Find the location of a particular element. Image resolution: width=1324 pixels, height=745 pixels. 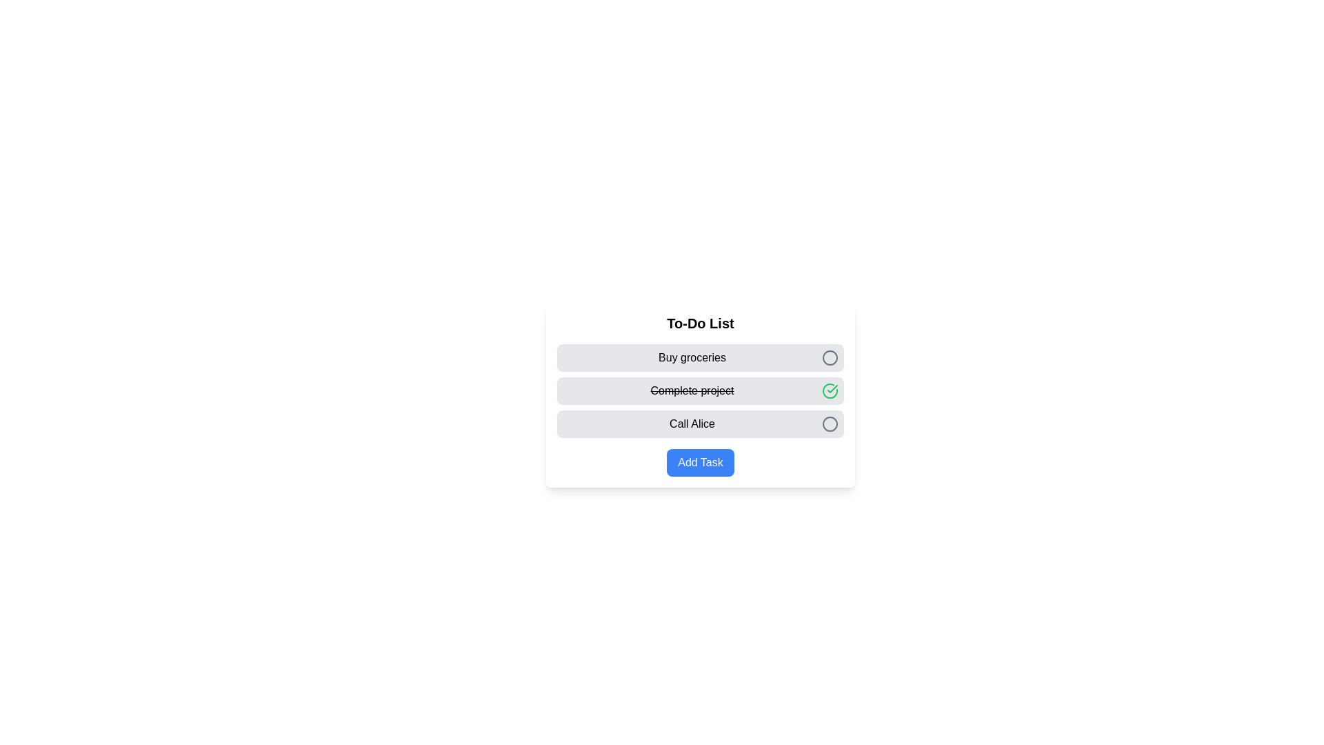

the status indicator button located to the right of 'Call Alice' is located at coordinates (830, 423).